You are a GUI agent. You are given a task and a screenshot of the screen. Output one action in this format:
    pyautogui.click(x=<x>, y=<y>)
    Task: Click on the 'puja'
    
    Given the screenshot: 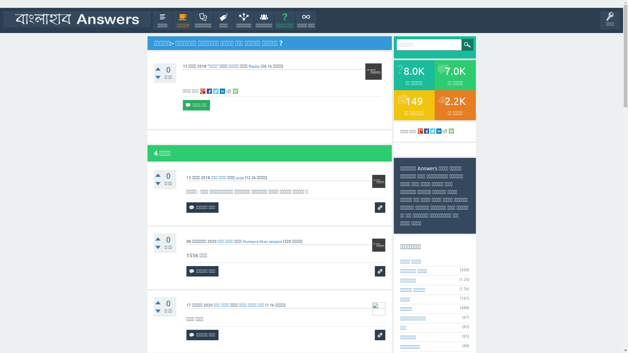 What is the action you would take?
    pyautogui.click(x=235, y=177)
    